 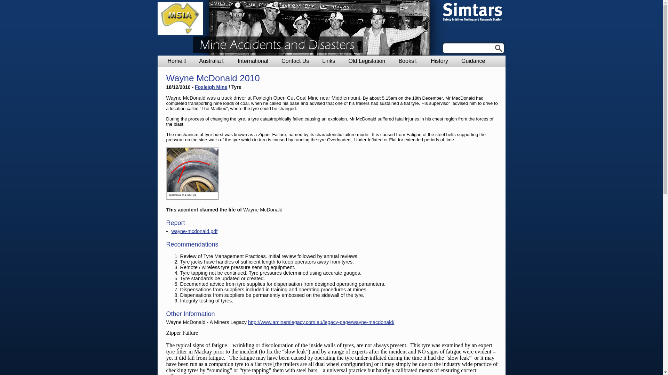 What do you see at coordinates (473, 61) in the screenshot?
I see `'Guidance'` at bounding box center [473, 61].